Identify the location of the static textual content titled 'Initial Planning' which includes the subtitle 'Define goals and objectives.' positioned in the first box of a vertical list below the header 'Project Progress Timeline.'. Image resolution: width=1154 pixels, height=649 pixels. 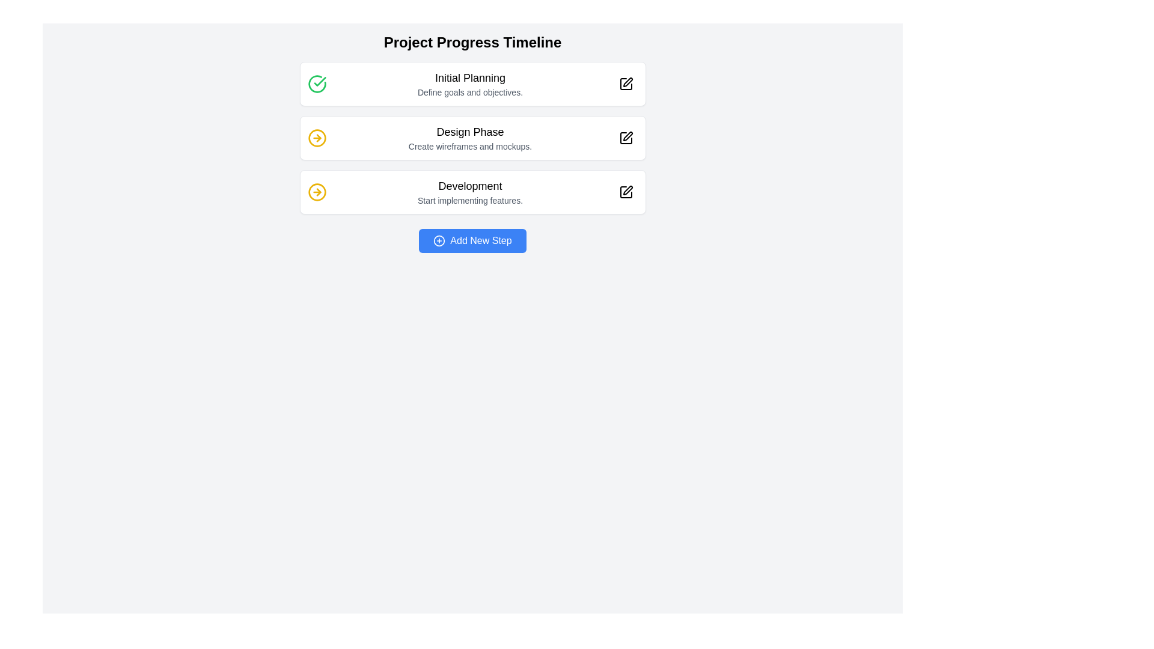
(469, 83).